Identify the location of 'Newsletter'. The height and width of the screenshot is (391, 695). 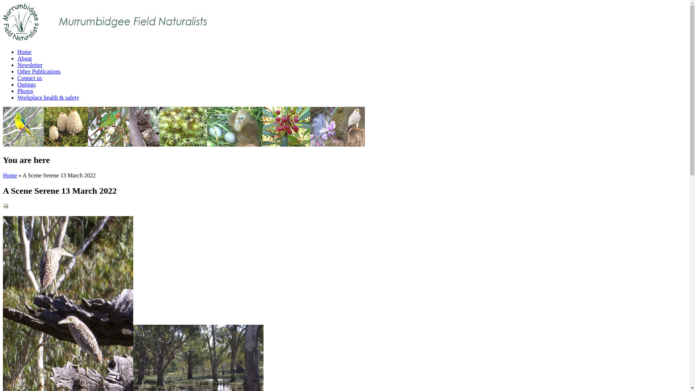
(29, 64).